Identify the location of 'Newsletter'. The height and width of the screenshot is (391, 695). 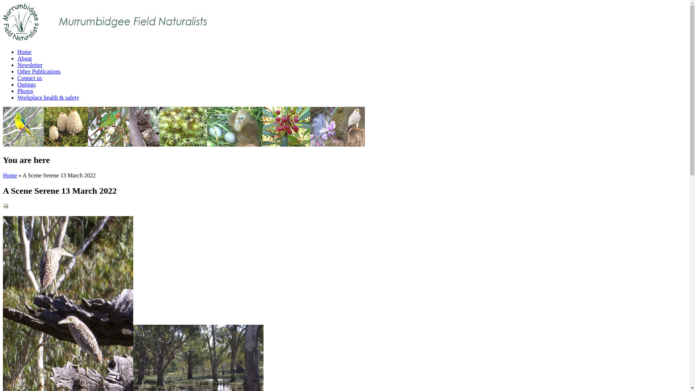
(29, 64).